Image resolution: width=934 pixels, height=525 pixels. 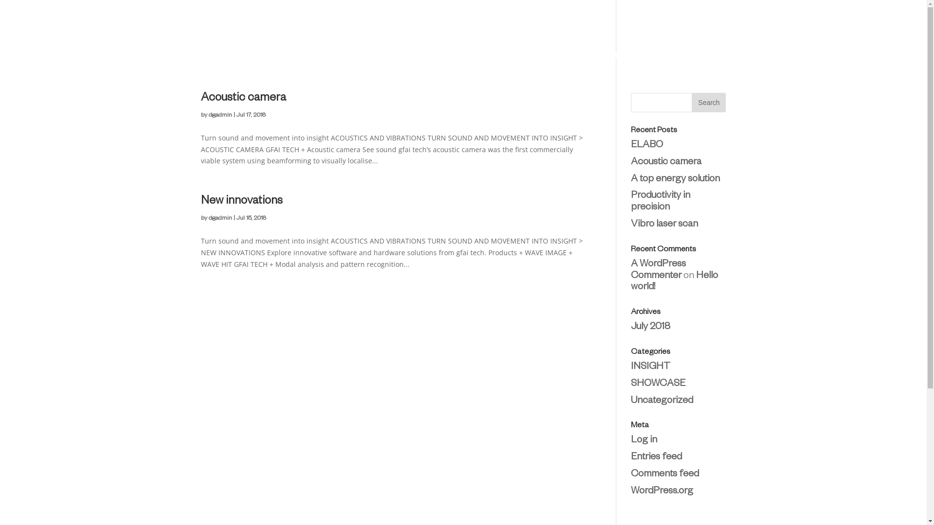 What do you see at coordinates (658, 270) in the screenshot?
I see `'A WordPress Commenter'` at bounding box center [658, 270].